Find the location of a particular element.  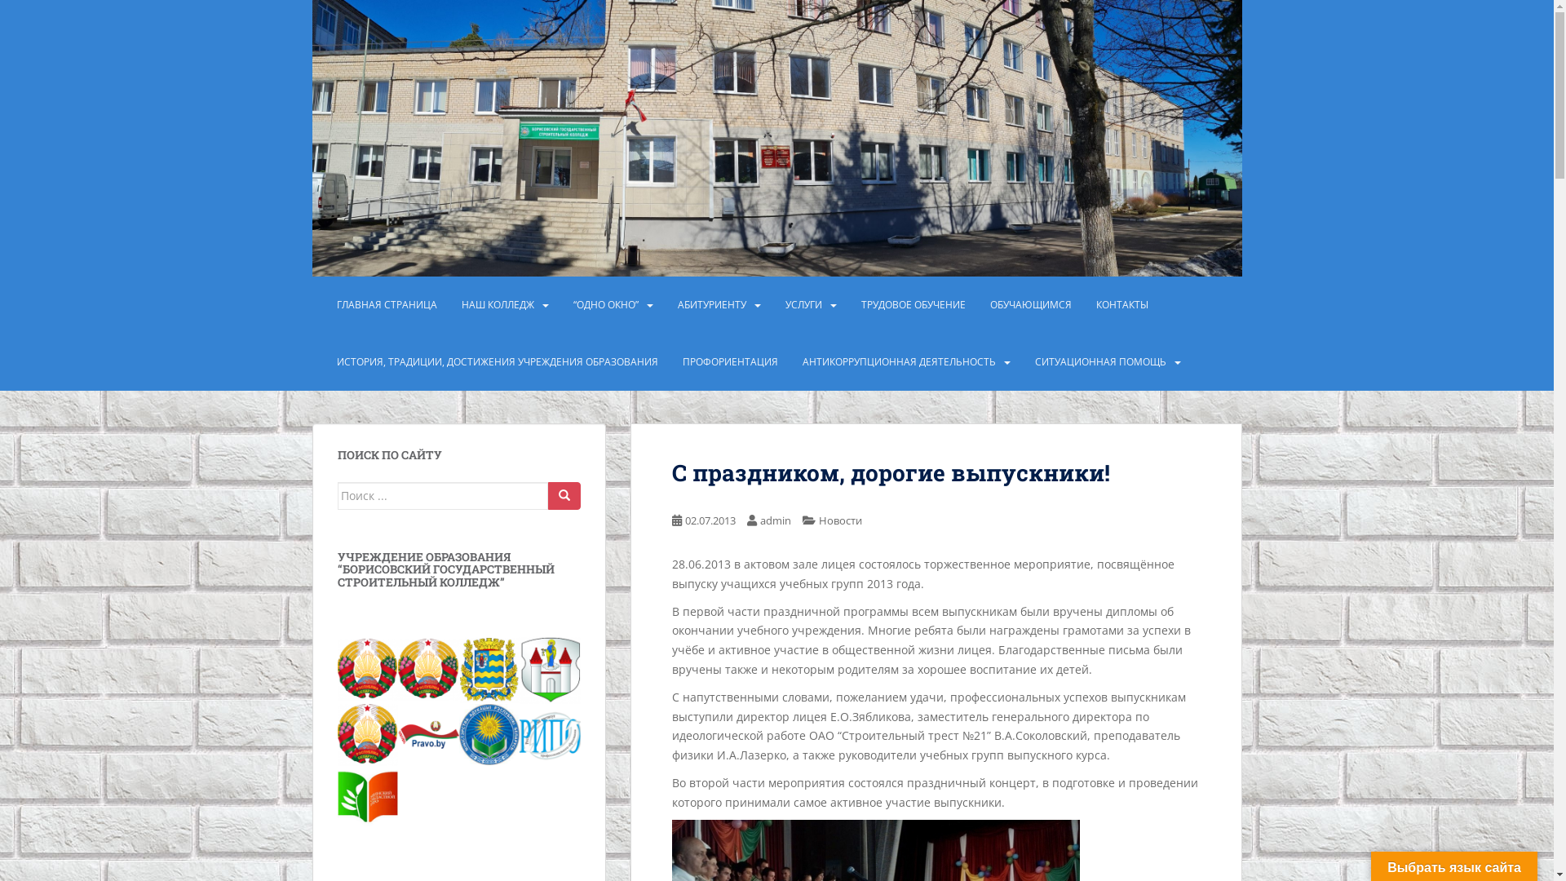

'admin' is located at coordinates (774, 520).